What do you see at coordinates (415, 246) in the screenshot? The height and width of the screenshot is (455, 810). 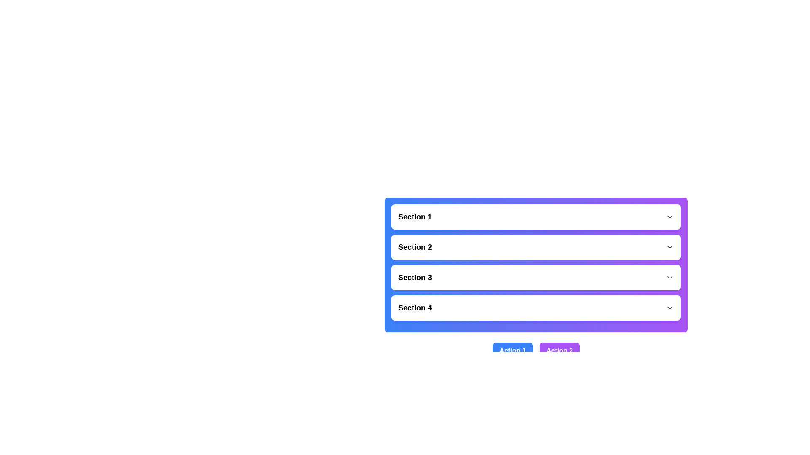 I see `the Text label that serves as the title for the second section of the listed interface, positioned to the left of the chevron-down icon` at bounding box center [415, 246].